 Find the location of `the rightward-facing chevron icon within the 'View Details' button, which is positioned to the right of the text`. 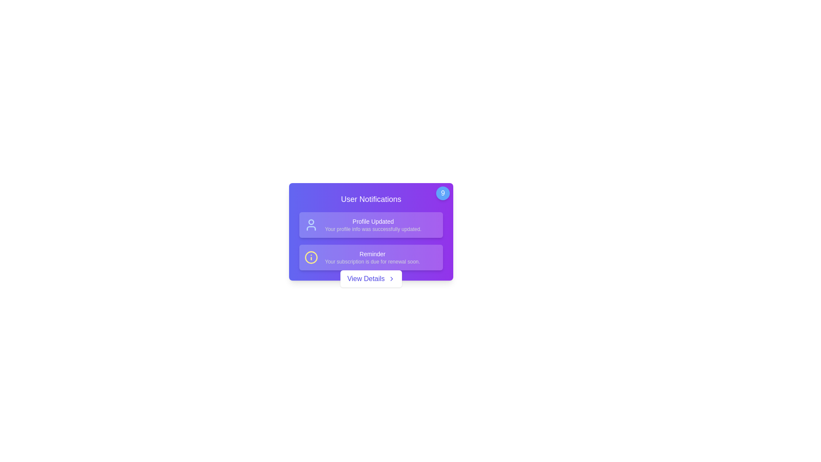

the rightward-facing chevron icon within the 'View Details' button, which is positioned to the right of the text is located at coordinates (391, 278).